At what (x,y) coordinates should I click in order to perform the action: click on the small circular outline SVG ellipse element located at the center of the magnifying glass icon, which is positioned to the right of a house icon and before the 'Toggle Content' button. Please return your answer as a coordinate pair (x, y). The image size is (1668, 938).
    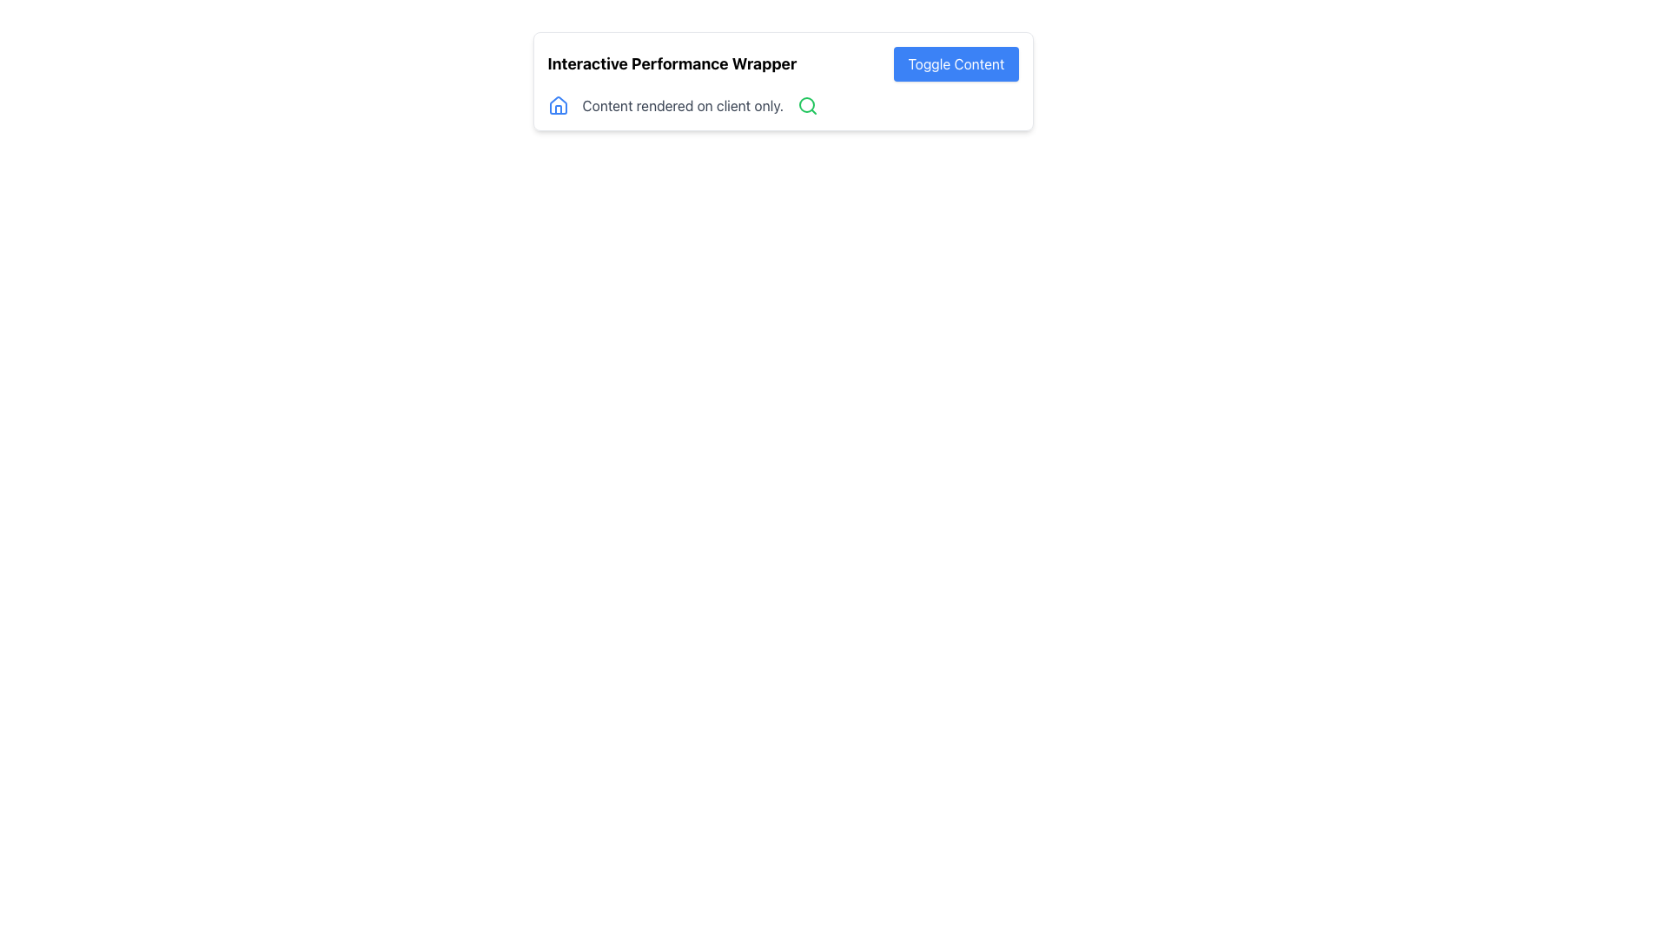
    Looking at the image, I should click on (806, 104).